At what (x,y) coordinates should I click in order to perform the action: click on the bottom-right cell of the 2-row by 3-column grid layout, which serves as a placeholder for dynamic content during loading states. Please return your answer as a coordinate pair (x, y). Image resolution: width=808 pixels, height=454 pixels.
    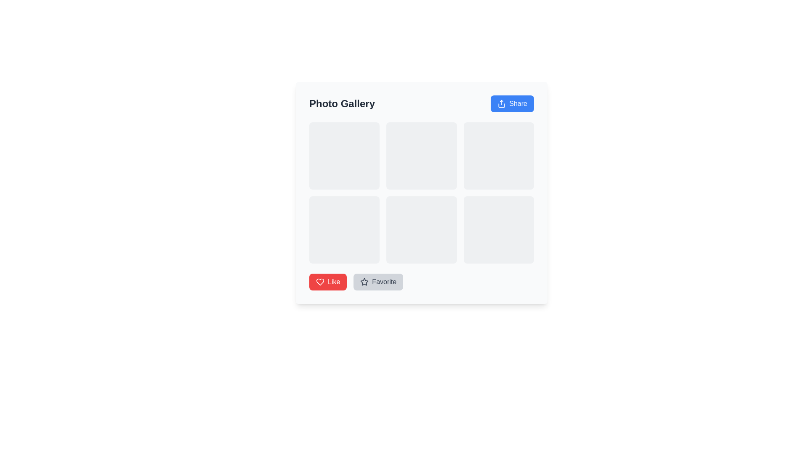
    Looking at the image, I should click on (499, 230).